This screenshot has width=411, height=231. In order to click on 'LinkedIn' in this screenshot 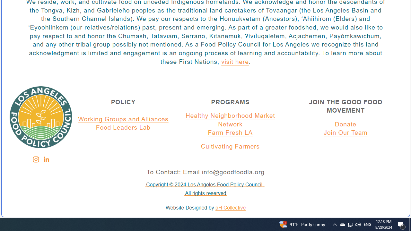, I will do `click(46, 159)`.